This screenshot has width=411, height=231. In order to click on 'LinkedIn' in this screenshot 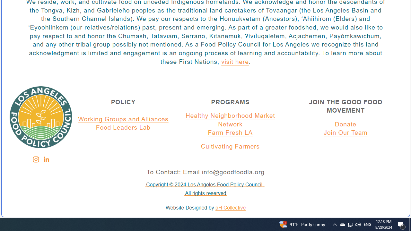, I will do `click(46, 159)`.